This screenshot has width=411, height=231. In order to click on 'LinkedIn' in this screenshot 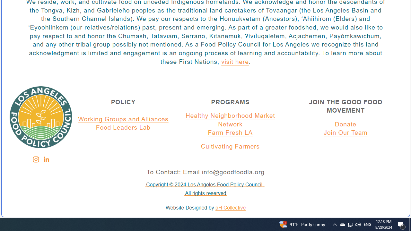, I will do `click(46, 159)`.